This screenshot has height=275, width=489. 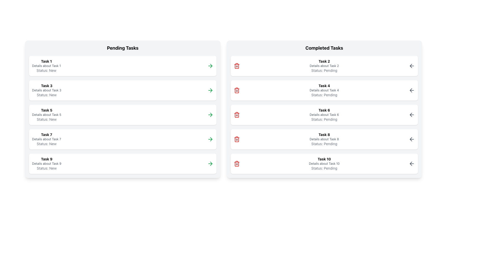 What do you see at coordinates (324, 139) in the screenshot?
I see `text content of the task details block for Task 8, which is located in the fourth item of the right-hand column labeled 'Completed Tasks.'` at bounding box center [324, 139].